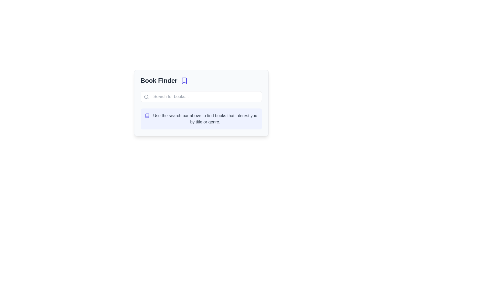 This screenshot has height=283, width=504. Describe the element at coordinates (205, 119) in the screenshot. I see `the instructional static text element that guides users on interacting with the search bar for finding books, located below the search input field and to the right of the book icon` at that location.